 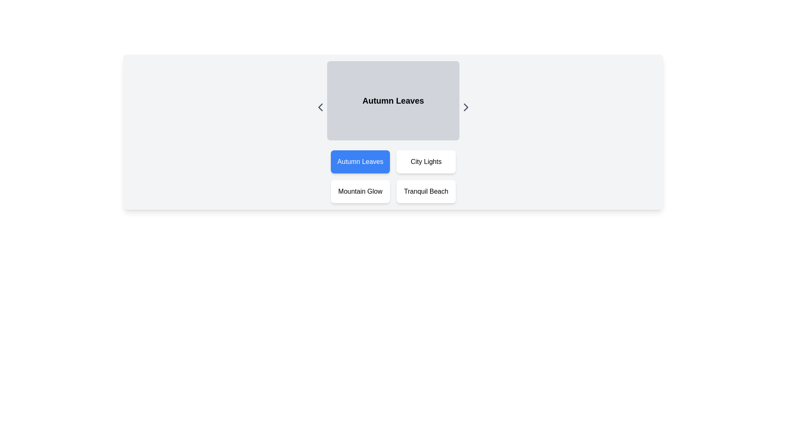 I want to click on the button that activates the 'City Lights' theme, positioned in the second column of the grid layout, to trigger potential hover effects, so click(x=426, y=162).